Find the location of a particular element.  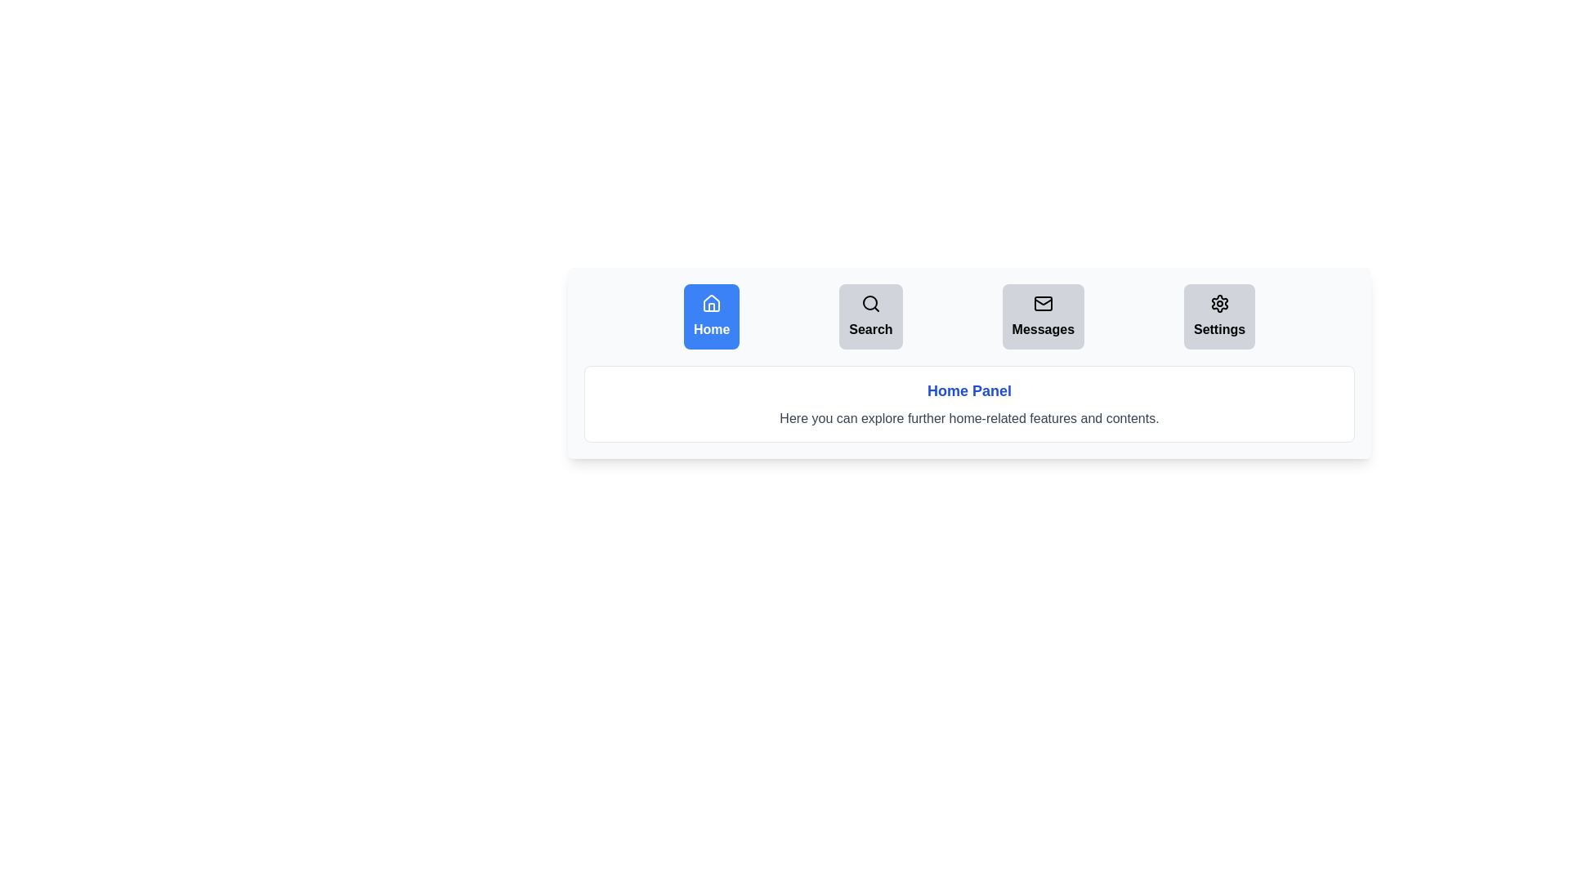

the diagonal line segment of the 'Messages' button's icon in the top navigation bar, which is styled in black and forms part of a triangular shape is located at coordinates (1042, 302).